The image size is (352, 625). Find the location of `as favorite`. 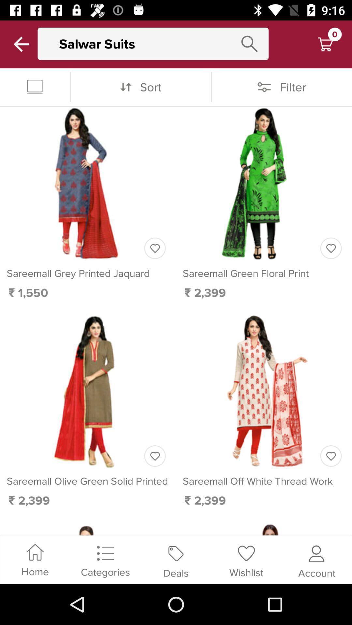

as favorite is located at coordinates (155, 456).